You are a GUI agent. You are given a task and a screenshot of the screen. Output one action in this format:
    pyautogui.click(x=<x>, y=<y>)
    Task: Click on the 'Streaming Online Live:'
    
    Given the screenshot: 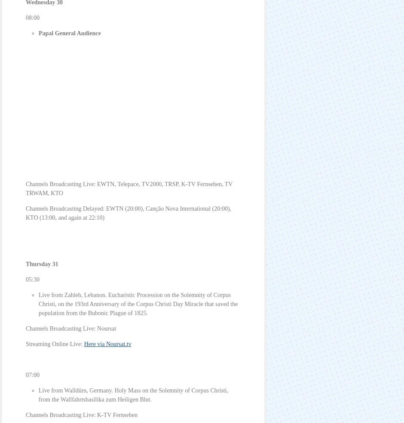 What is the action you would take?
    pyautogui.click(x=54, y=343)
    